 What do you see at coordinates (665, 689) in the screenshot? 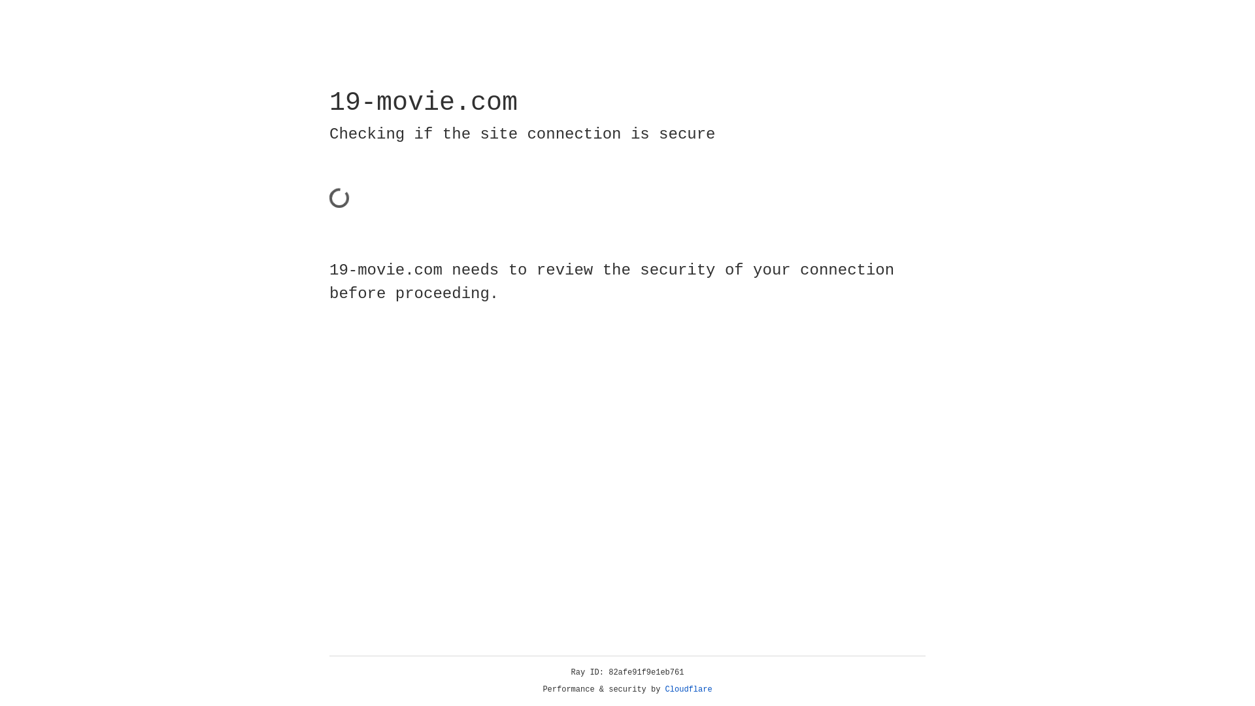
I see `'Cloudflare'` at bounding box center [665, 689].